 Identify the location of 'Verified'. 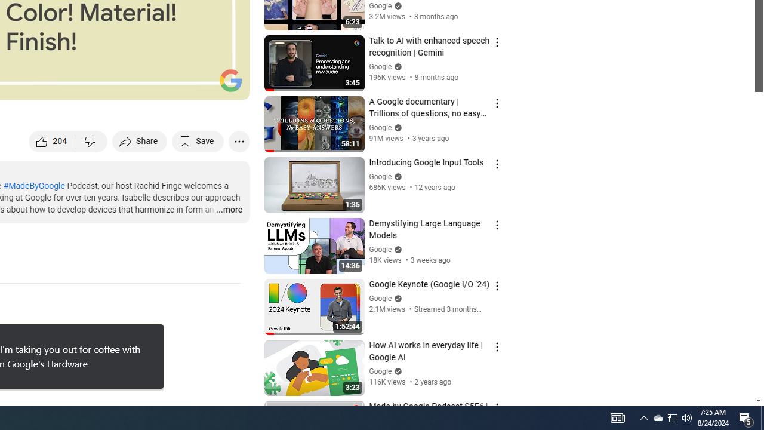
(396, 370).